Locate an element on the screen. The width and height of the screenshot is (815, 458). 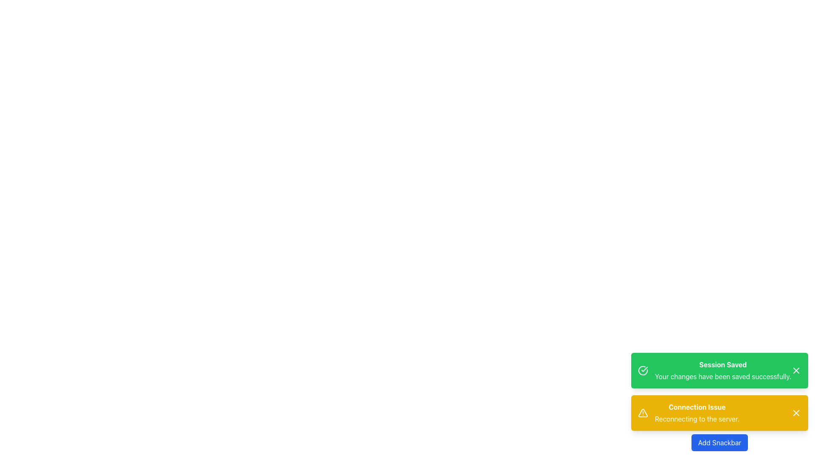
the SVG checkmark circle icon located at the leftmost side of the green notification bar that indicates 'Session Saved' as visual feedback is located at coordinates (643, 370).